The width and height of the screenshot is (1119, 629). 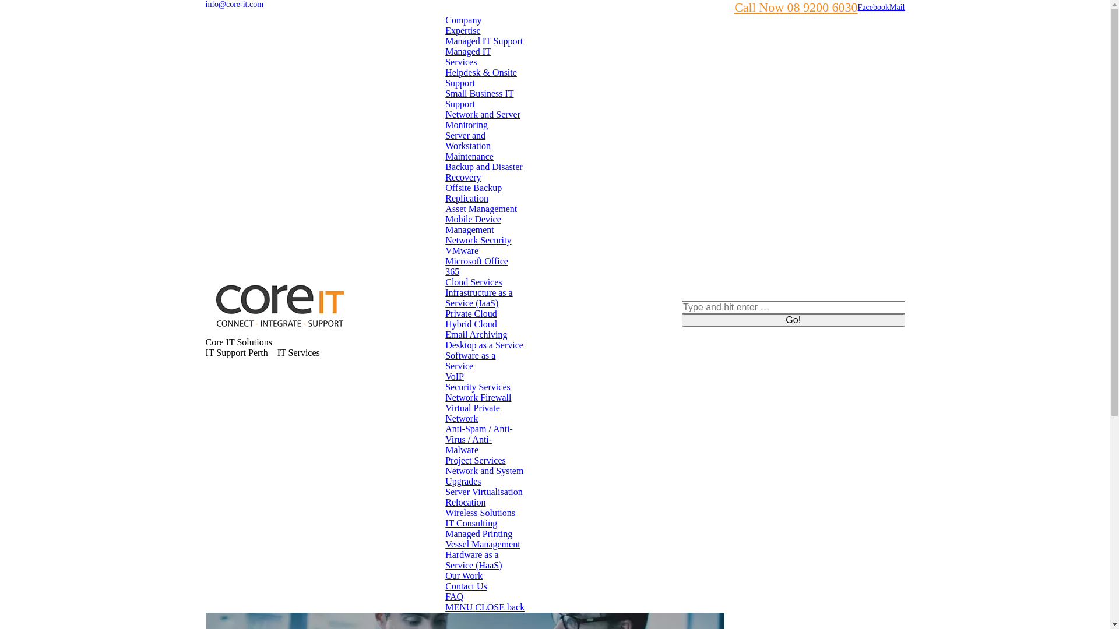 I want to click on 'Managed IT Services', so click(x=468, y=56).